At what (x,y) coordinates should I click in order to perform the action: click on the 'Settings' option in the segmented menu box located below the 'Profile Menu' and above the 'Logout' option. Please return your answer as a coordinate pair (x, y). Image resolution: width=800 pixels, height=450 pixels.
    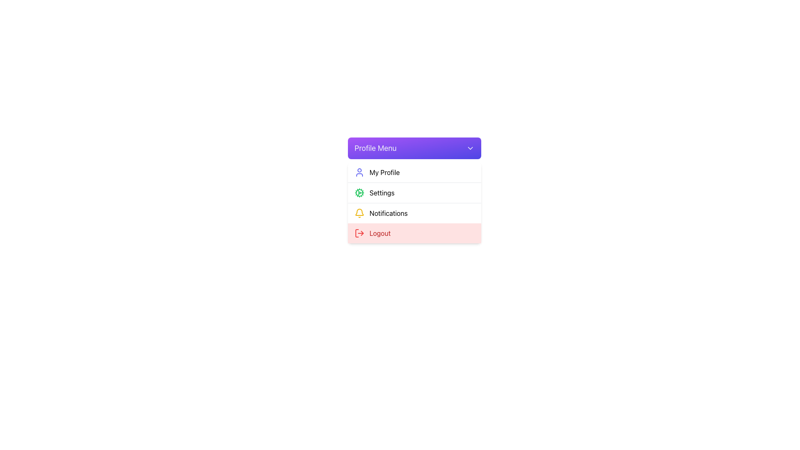
    Looking at the image, I should click on (414, 192).